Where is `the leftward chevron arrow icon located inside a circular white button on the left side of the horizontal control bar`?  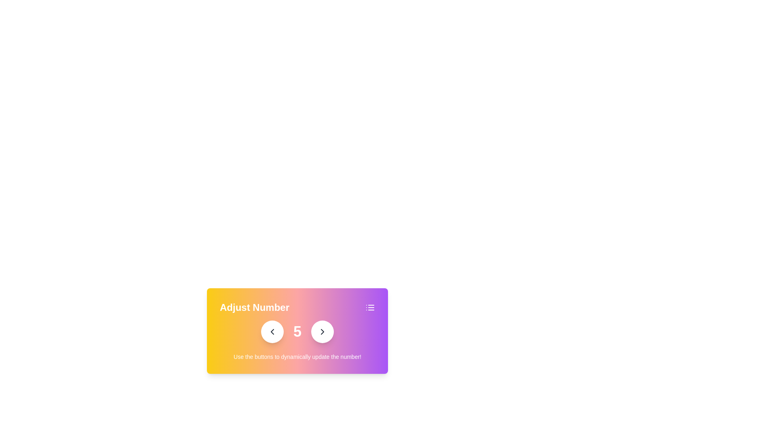
the leftward chevron arrow icon located inside a circular white button on the left side of the horizontal control bar is located at coordinates (272, 331).